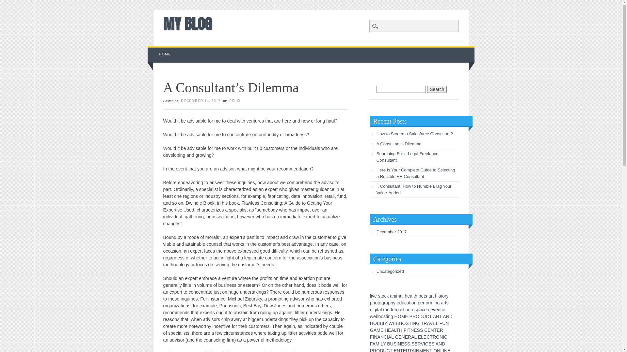 The height and width of the screenshot is (352, 627). I want to click on 'FELIX', so click(235, 100).